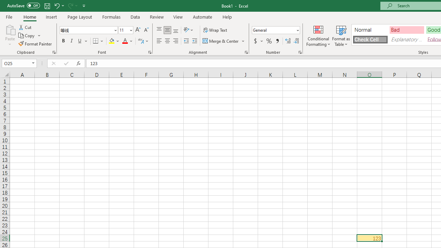  I want to click on 'Bold', so click(63, 41).